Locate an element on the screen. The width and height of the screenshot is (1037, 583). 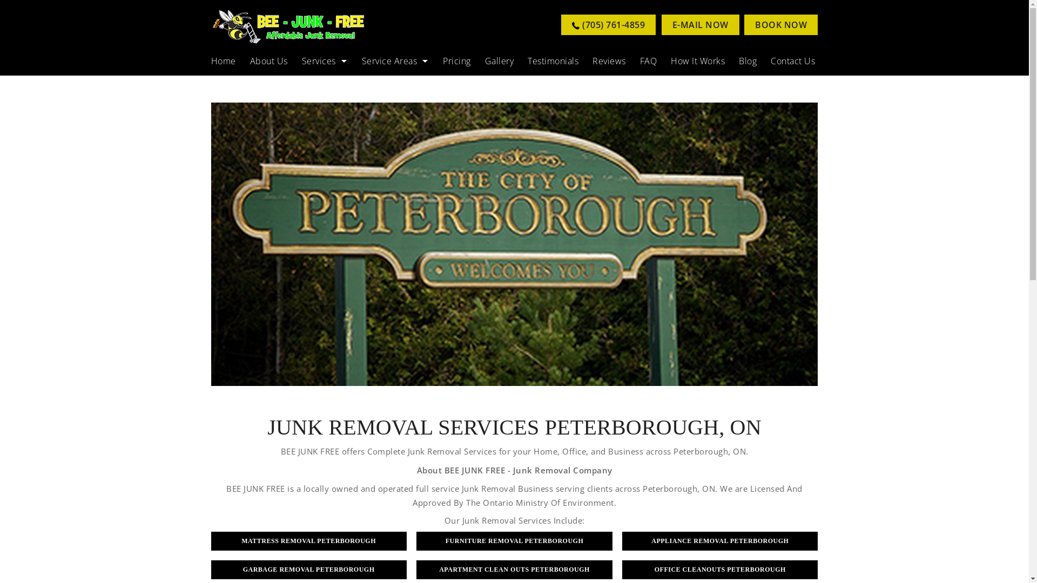
'Home' is located at coordinates (226, 61).